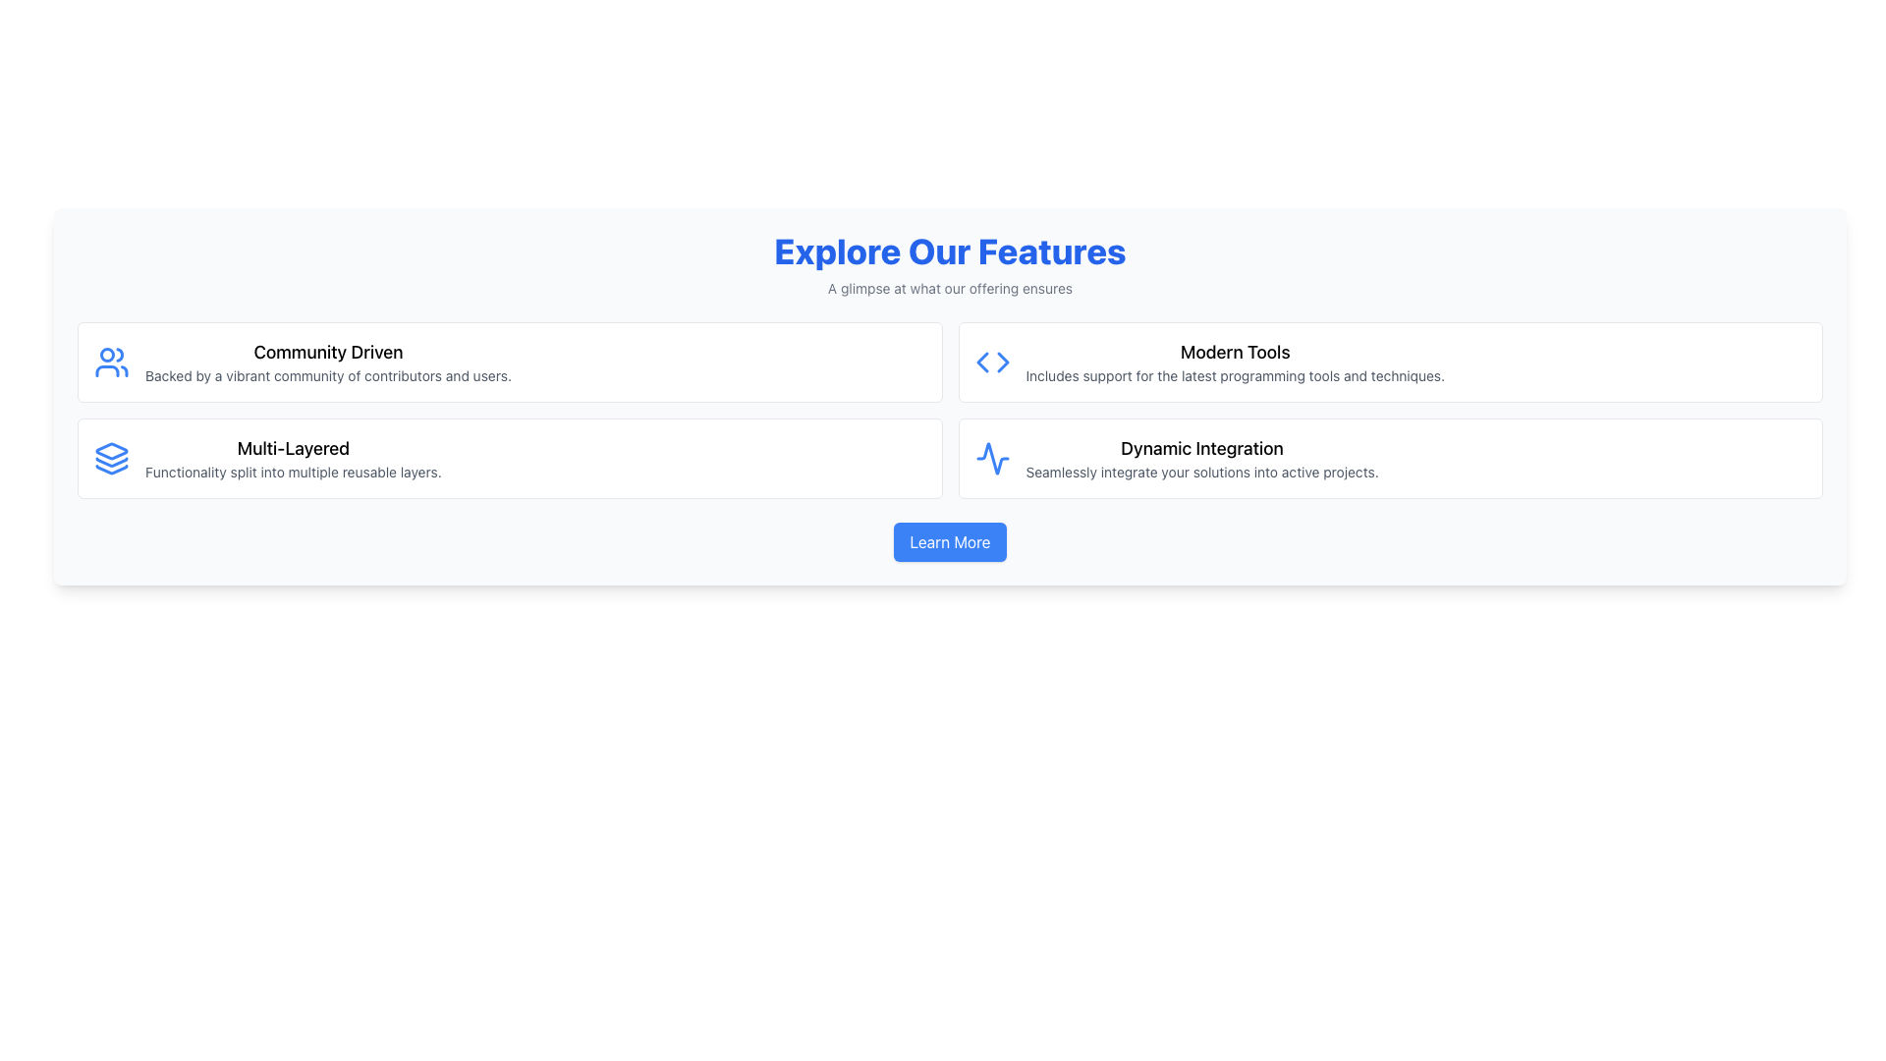 This screenshot has height=1061, width=1886. What do you see at coordinates (328, 375) in the screenshot?
I see `the static text label that provides additional descriptive information about the 'Community Driven' title, located below it in the top-left quadrant under the 'Explore Our Features' header` at bounding box center [328, 375].